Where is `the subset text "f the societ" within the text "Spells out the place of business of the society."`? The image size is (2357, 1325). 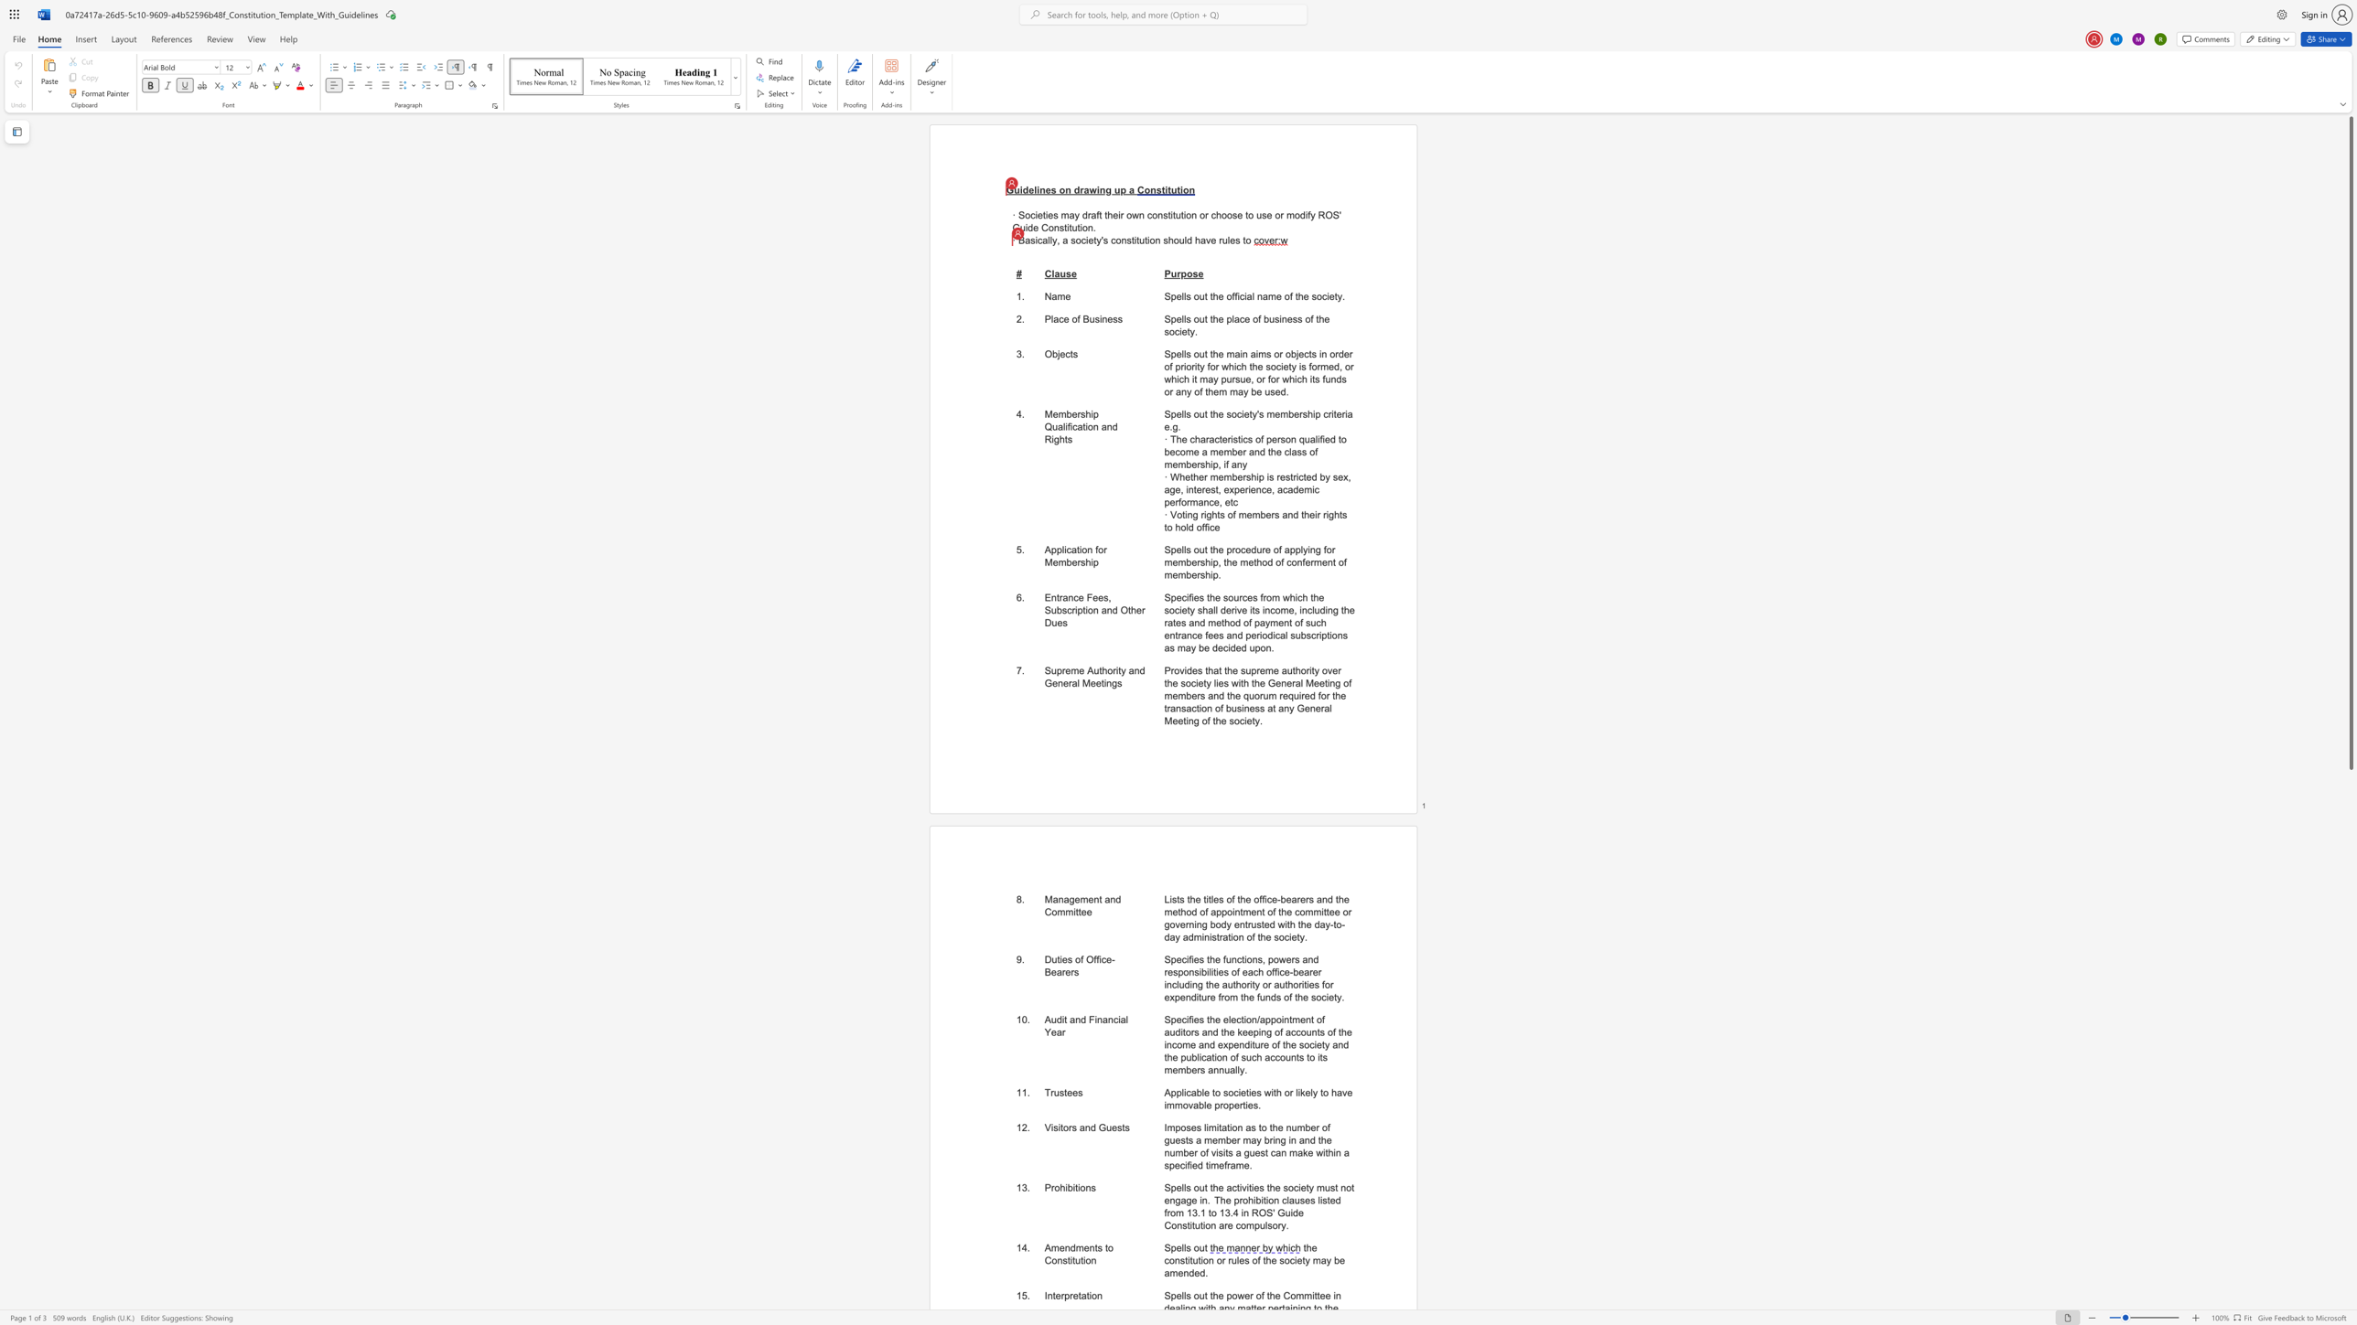 the subset text "f the societ" within the text "Spells out the place of business of the society." is located at coordinates (1310, 319).